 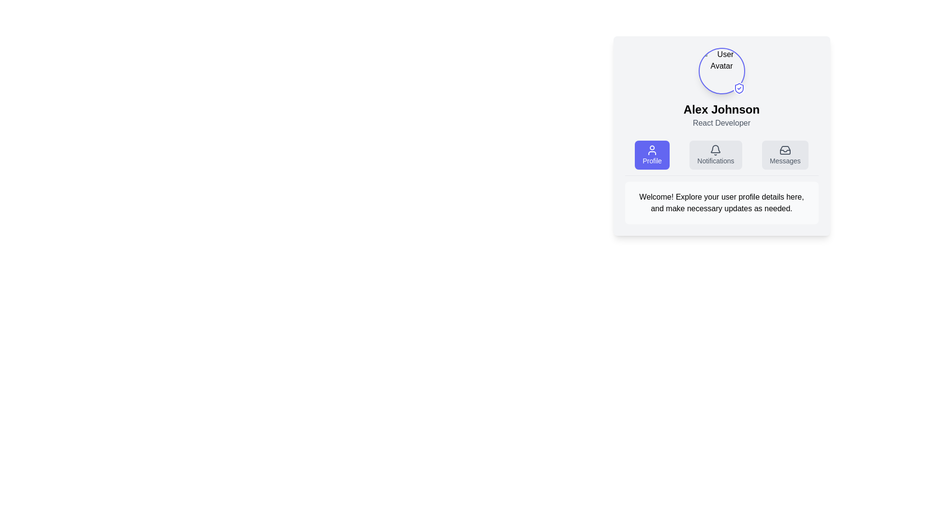 I want to click on text of the label indicating the purpose of the messaging or inbox button, which is the last item in a row of three buttons on the right side of the user profile card, so click(x=785, y=160).